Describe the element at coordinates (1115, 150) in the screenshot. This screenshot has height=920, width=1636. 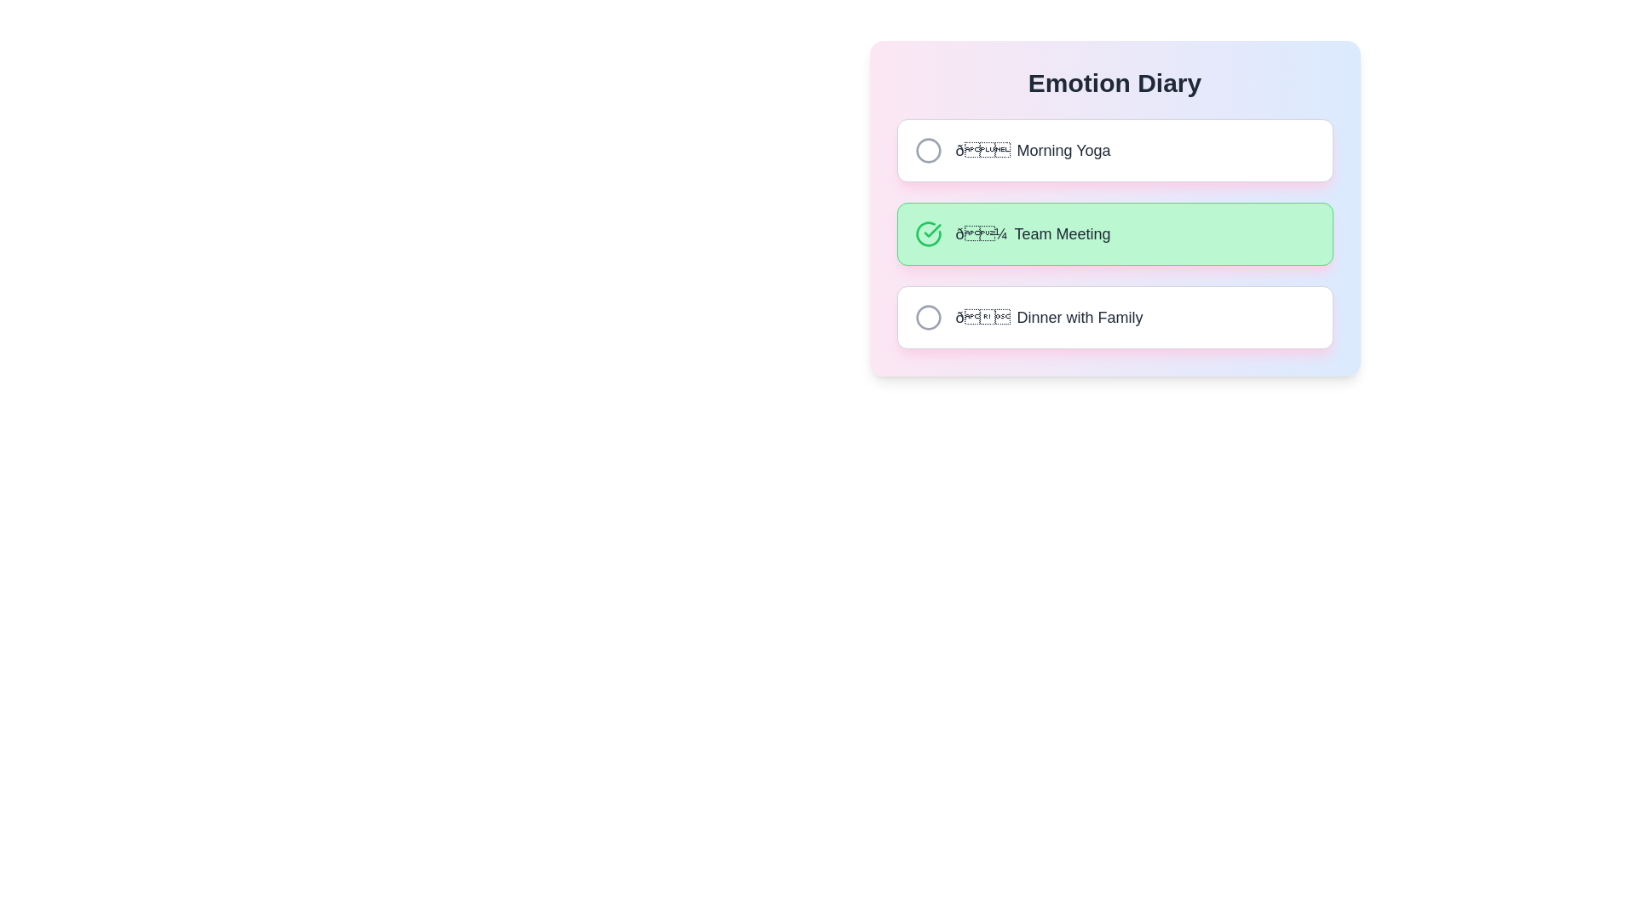
I see `the entry corresponding to Morning Yoga` at that location.